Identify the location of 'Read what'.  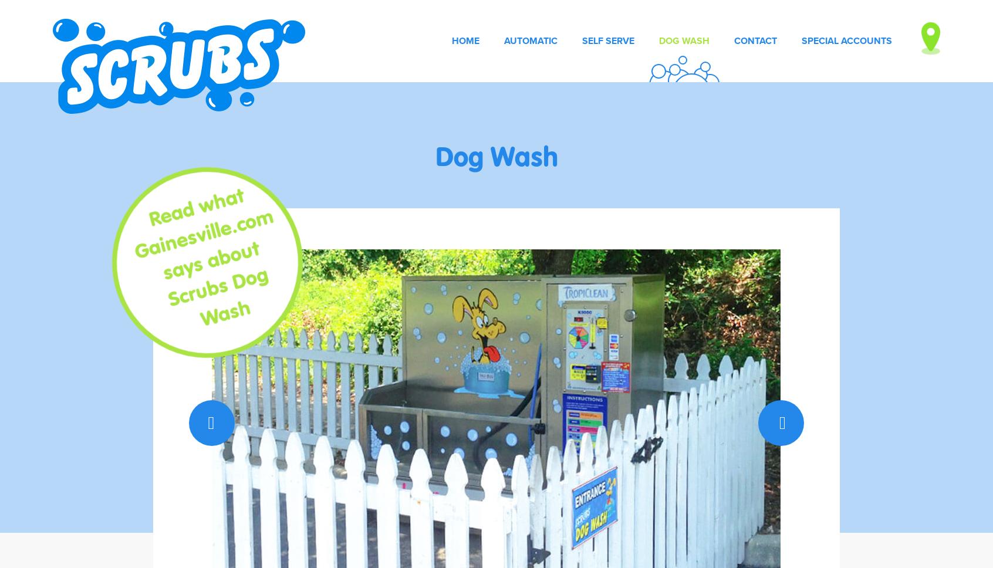
(195, 206).